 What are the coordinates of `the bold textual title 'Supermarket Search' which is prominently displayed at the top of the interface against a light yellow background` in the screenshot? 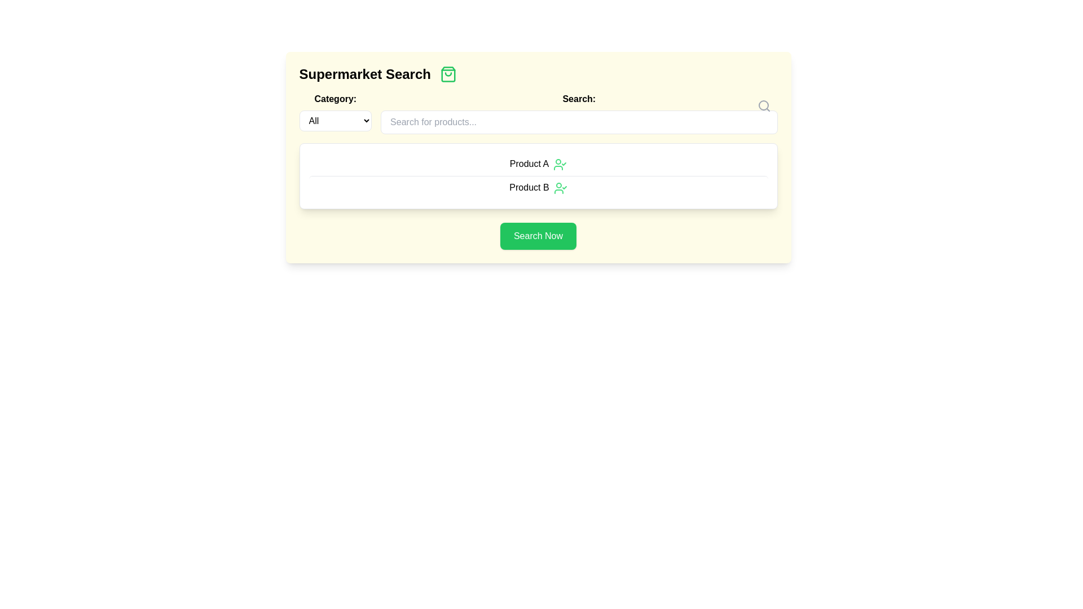 It's located at (365, 74).